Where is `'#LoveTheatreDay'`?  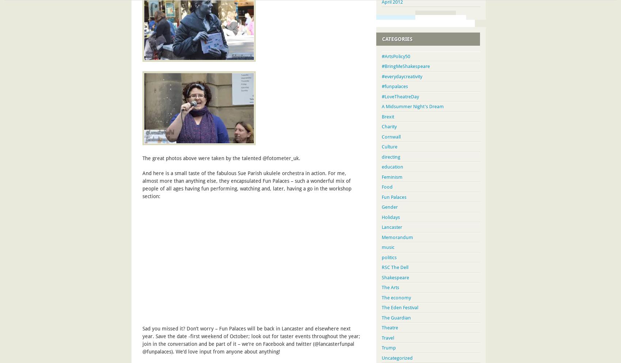
'#LoveTheatreDay' is located at coordinates (400, 96).